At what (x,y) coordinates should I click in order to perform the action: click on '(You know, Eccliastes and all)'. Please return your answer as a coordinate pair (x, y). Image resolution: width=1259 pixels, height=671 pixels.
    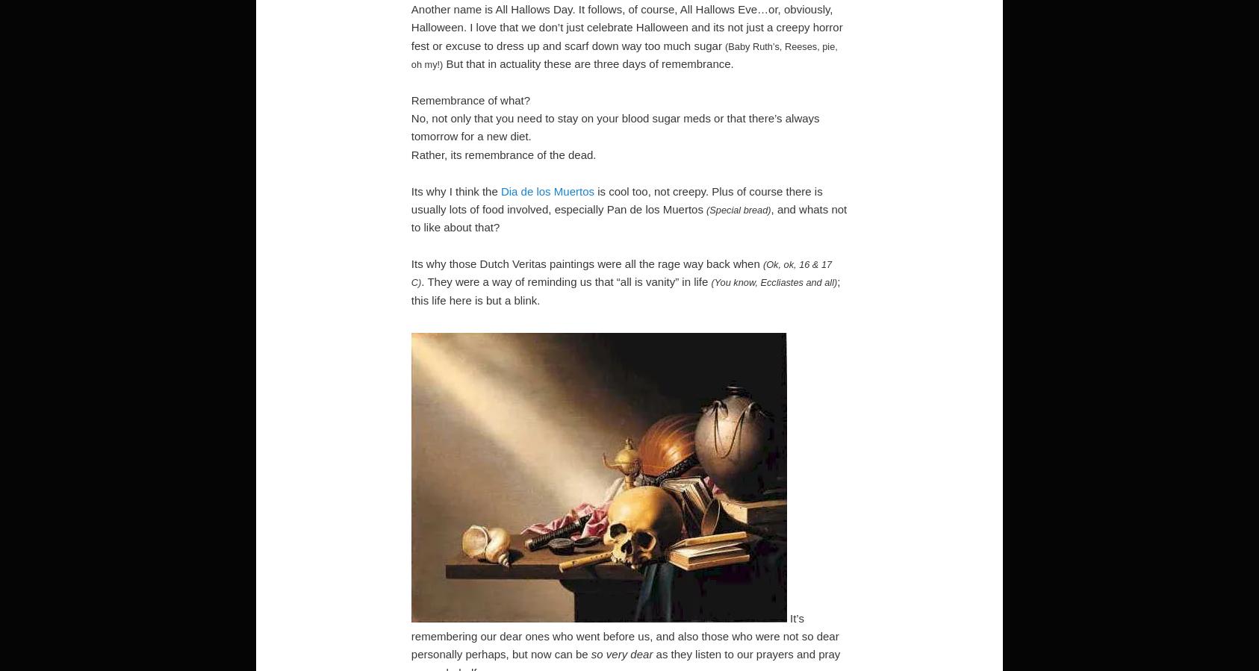
    Looking at the image, I should click on (710, 281).